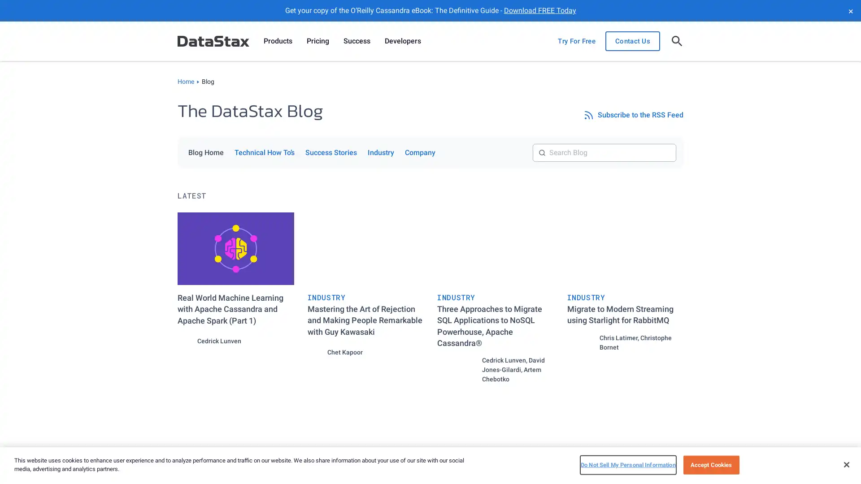  What do you see at coordinates (676, 143) in the screenshot?
I see `Search` at bounding box center [676, 143].